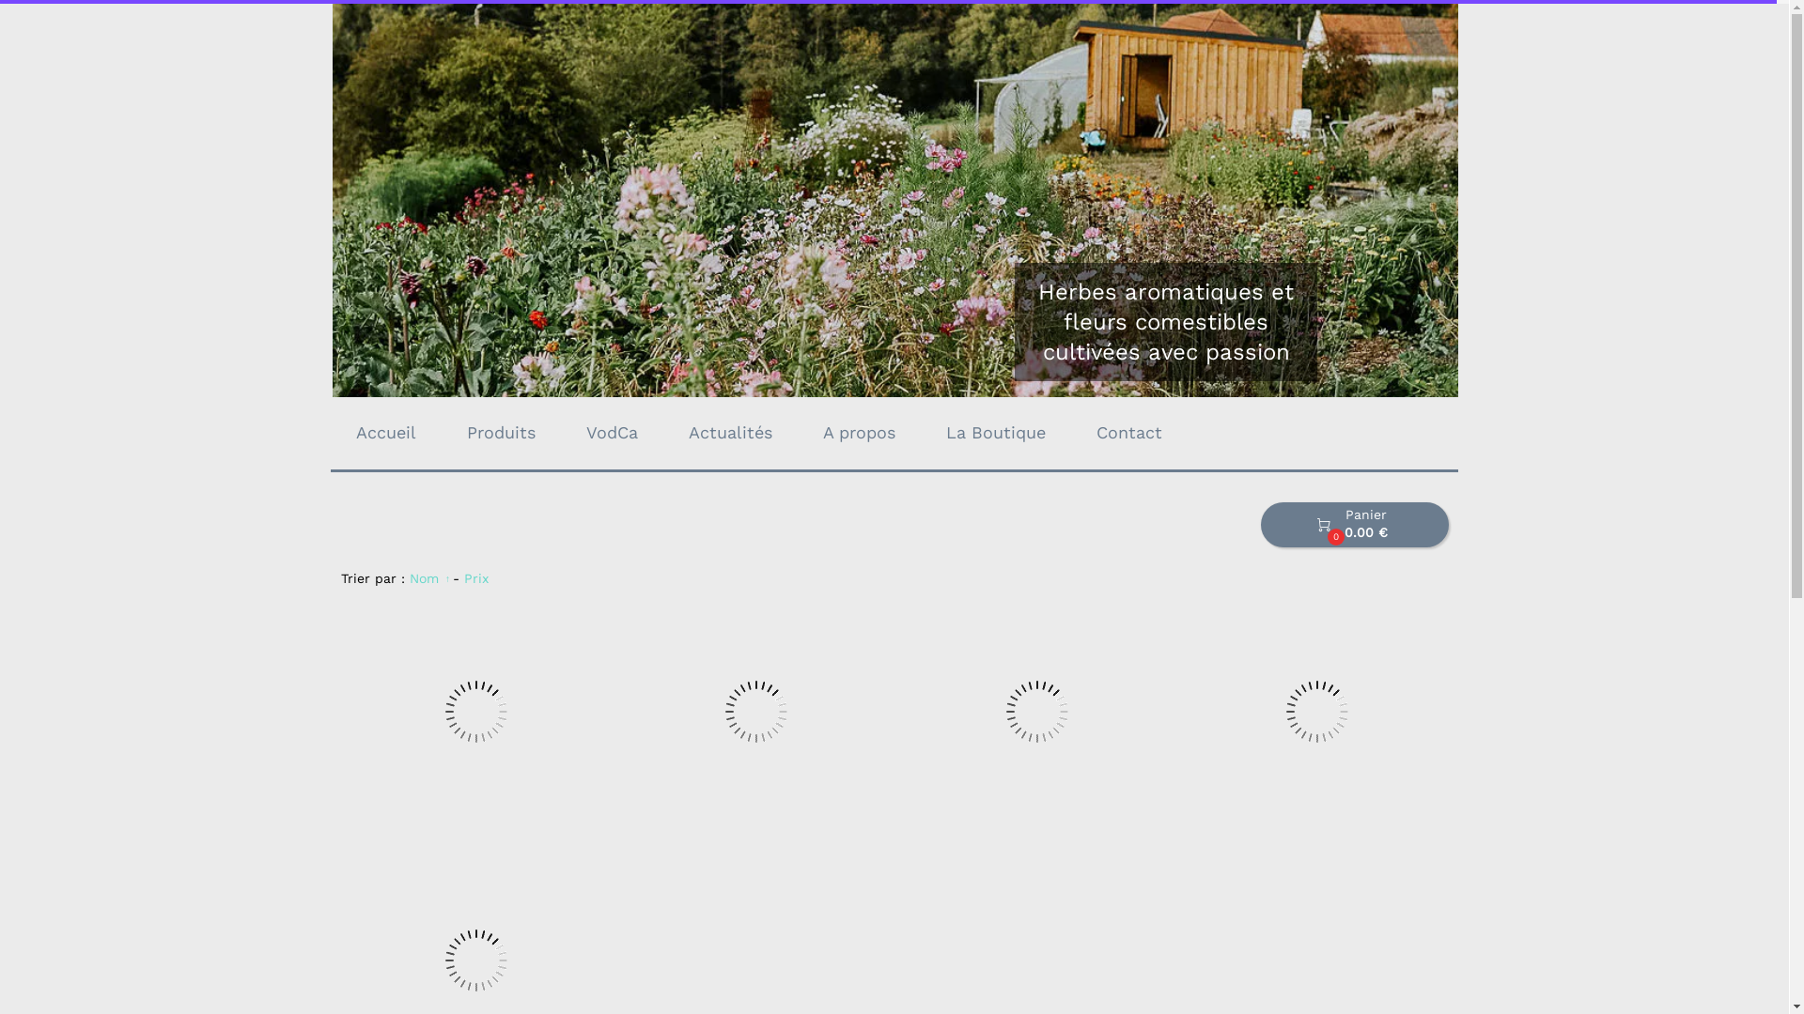 The height and width of the screenshot is (1014, 1804). Describe the element at coordinates (501, 433) in the screenshot. I see `'Produits'` at that location.